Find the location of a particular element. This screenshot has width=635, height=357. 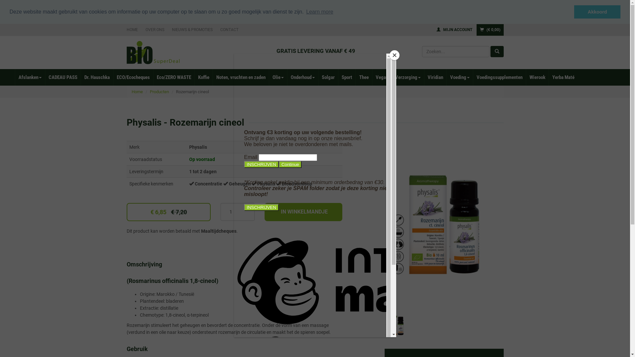

'NIEUWS & PROMOTIES' is located at coordinates (192, 29).